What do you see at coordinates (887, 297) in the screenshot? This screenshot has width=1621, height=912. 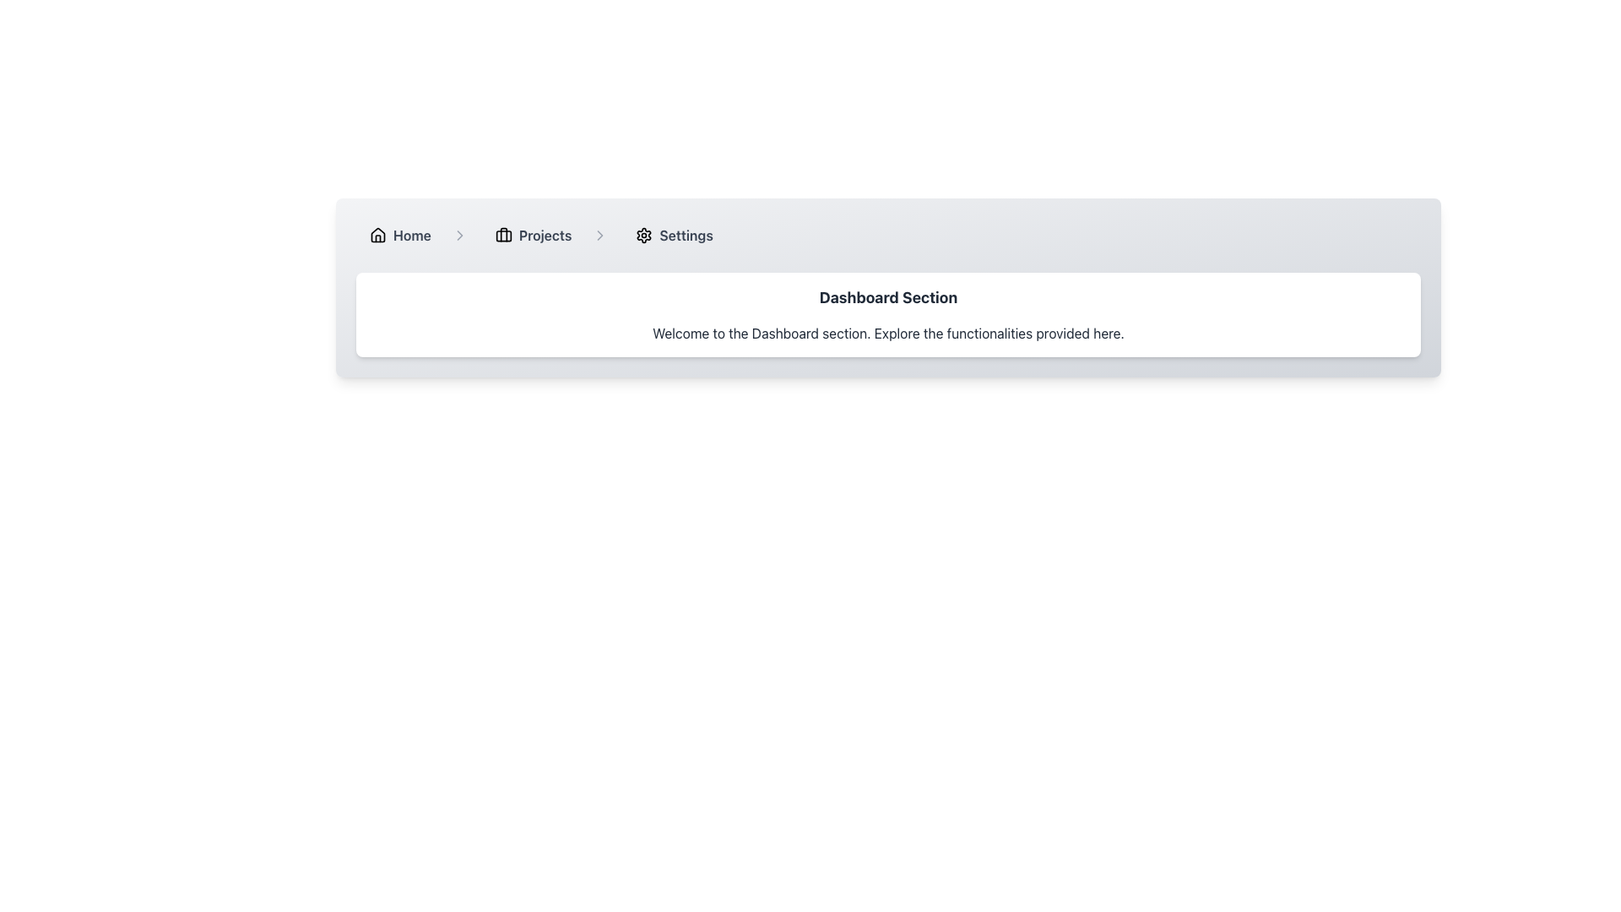 I see `the 'Dashboard Section' text label, which is a bold and enlarged font element located at the top of the content card in the dashboard header` at bounding box center [887, 297].